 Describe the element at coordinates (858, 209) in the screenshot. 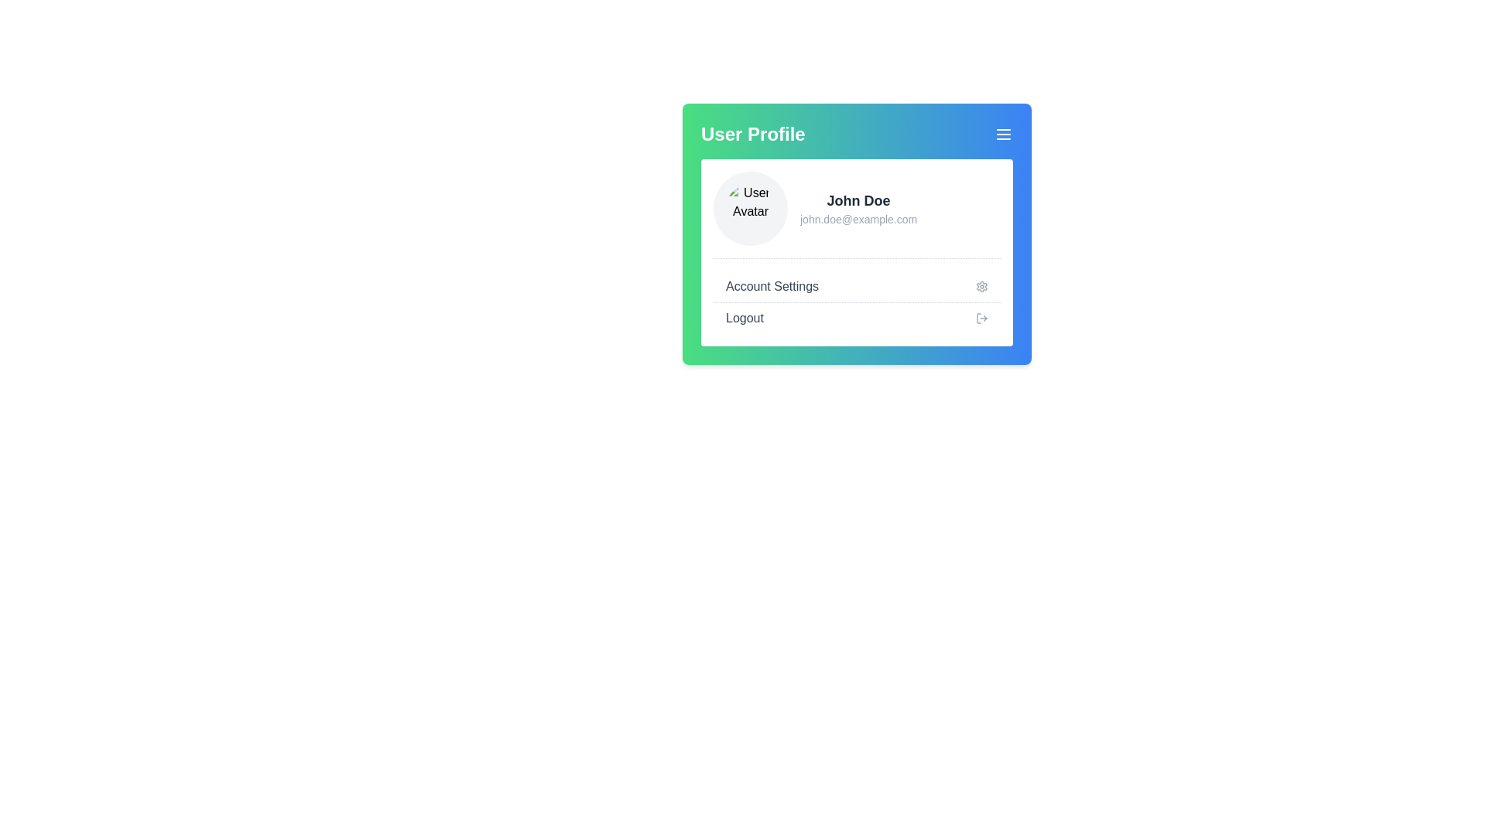

I see `user information text label displaying the name 'John Doe' and the email 'john.doe@example.com', which is located to the right of the circular avatar in the user profile card` at that location.